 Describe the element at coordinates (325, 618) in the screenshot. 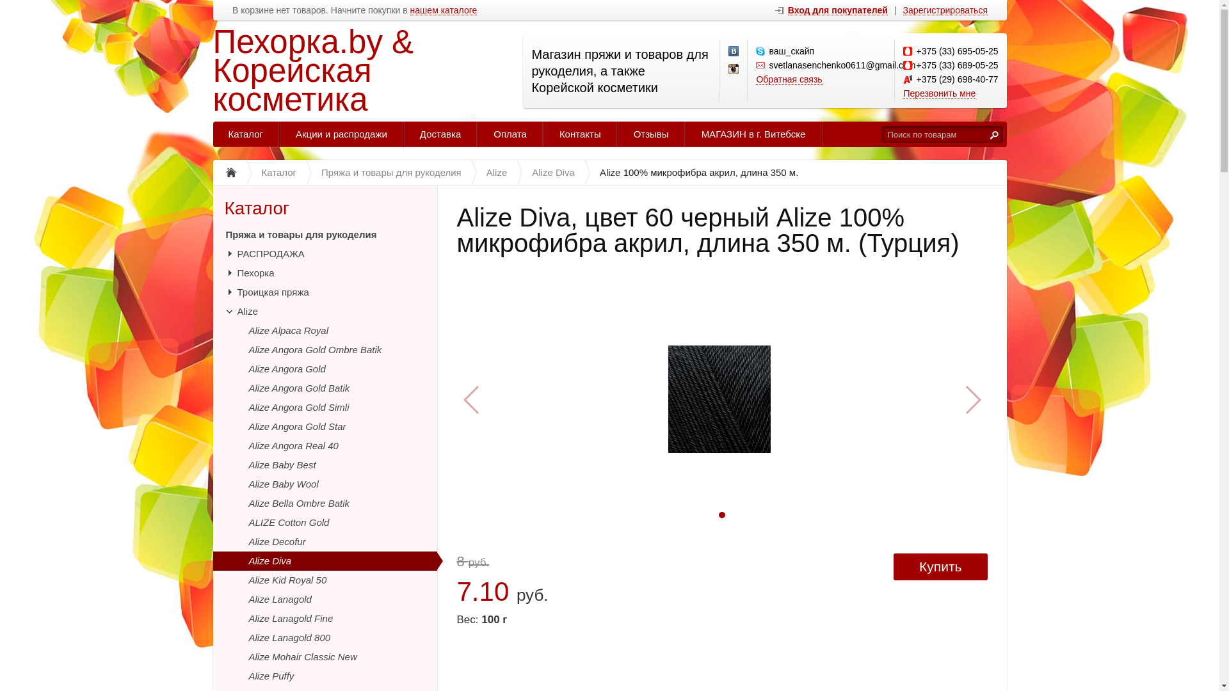

I see `'Alize Lanagold Fine'` at that location.